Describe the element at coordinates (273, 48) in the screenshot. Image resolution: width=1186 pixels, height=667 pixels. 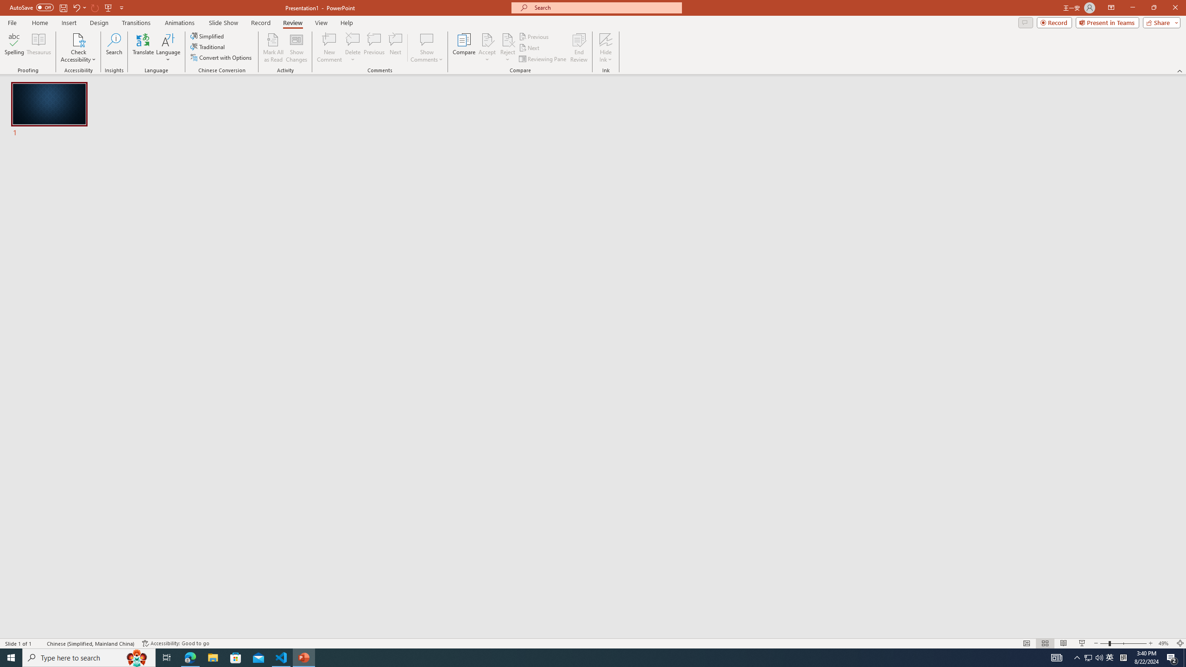
I see `'Mark All as Read'` at that location.